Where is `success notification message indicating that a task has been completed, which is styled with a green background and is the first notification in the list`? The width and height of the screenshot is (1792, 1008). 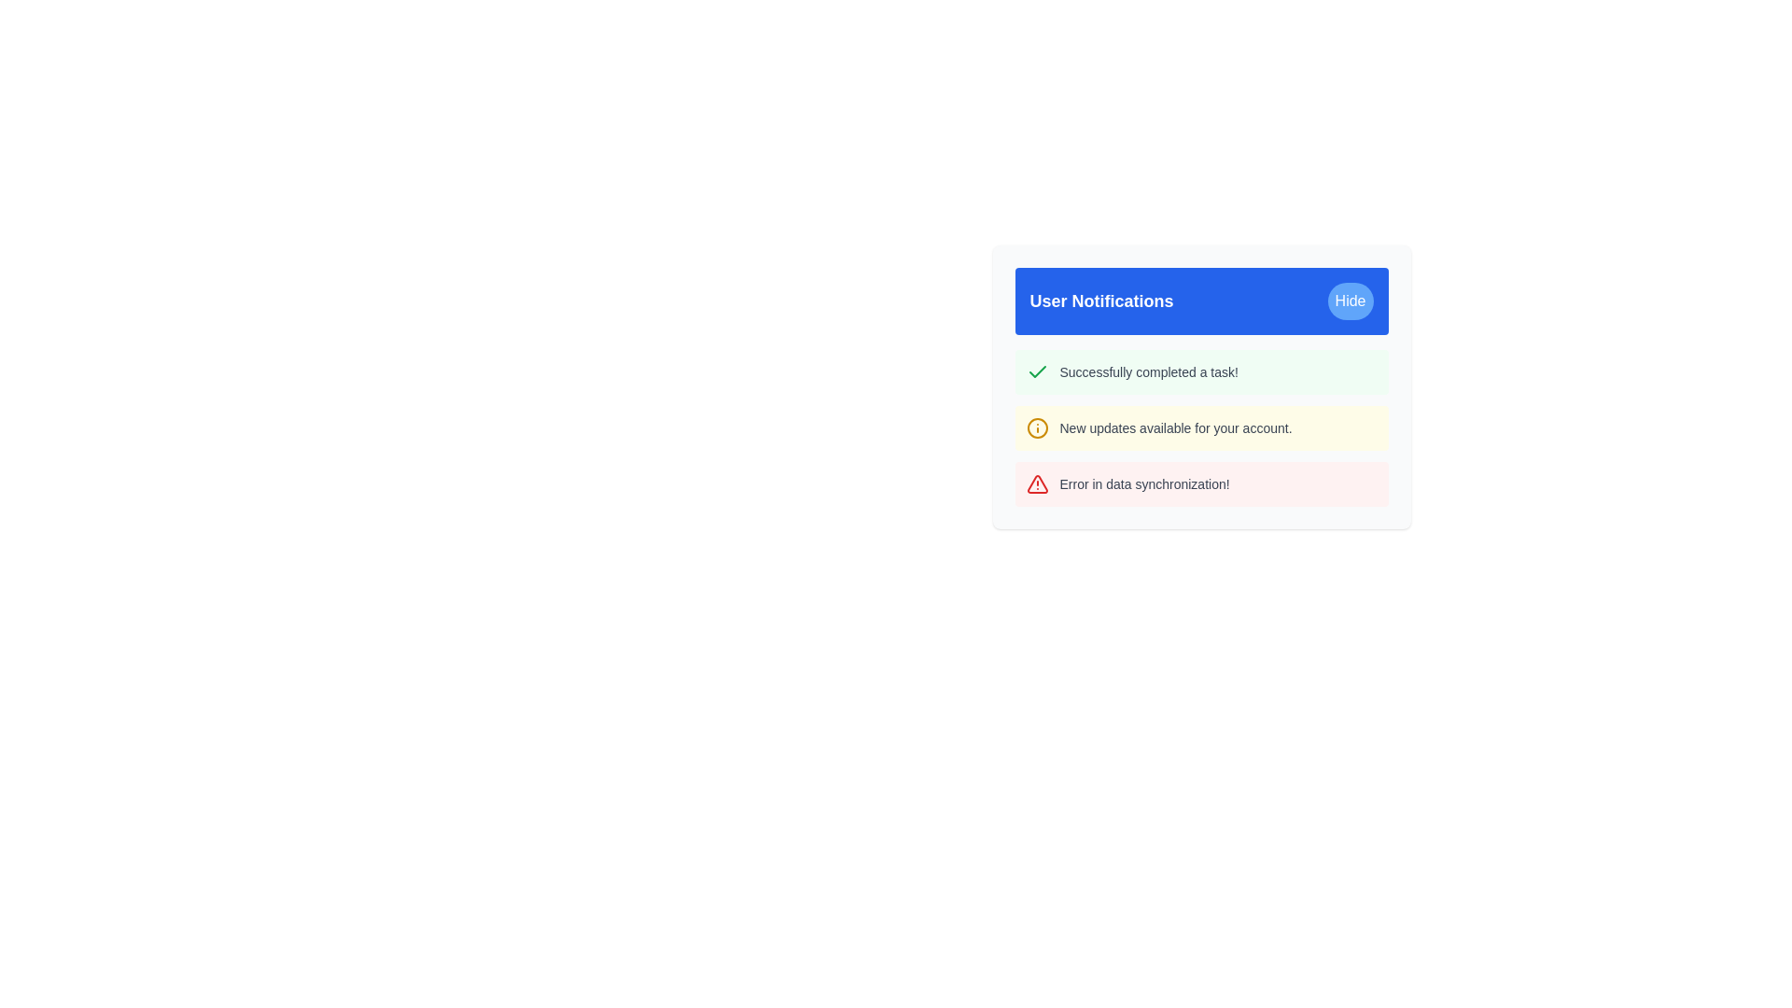 success notification message indicating that a task has been completed, which is styled with a green background and is the first notification in the list is located at coordinates (1201, 371).